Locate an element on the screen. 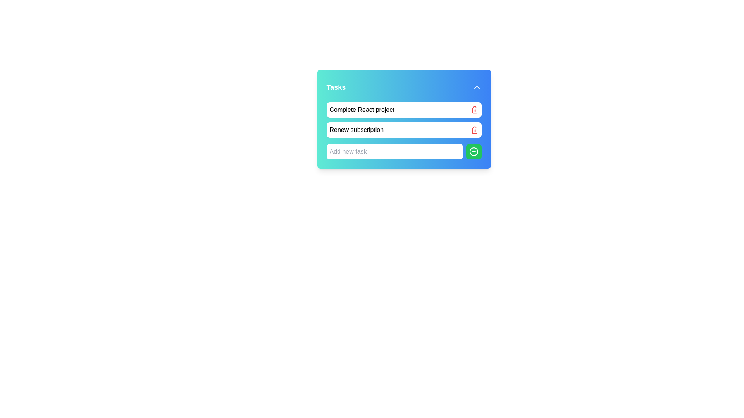 The image size is (744, 418). the Trash bin outline icon located to the right of the input field labeled 'Complete React project', which indicates a delete action for the associated list item is located at coordinates (474, 110).